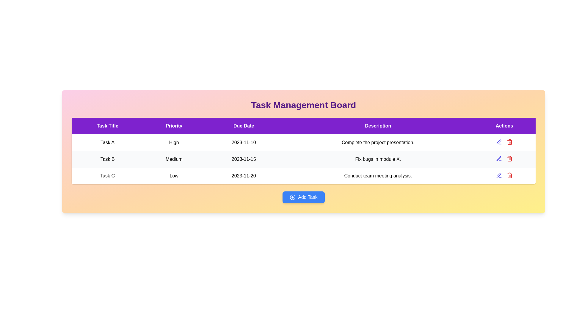 Image resolution: width=571 pixels, height=321 pixels. Describe the element at coordinates (304, 197) in the screenshot. I see `the call-to-action button at the bottom of the task management board` at that location.